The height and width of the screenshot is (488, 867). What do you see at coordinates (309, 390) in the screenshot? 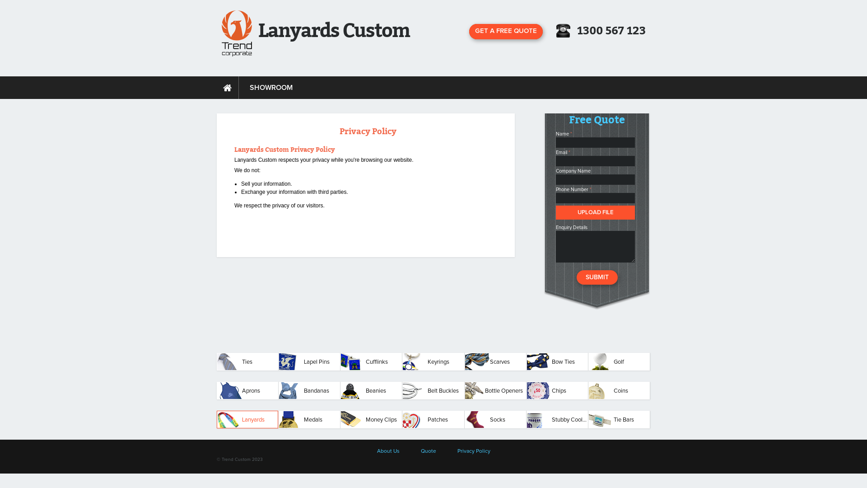
I see `'Bandanas'` at bounding box center [309, 390].